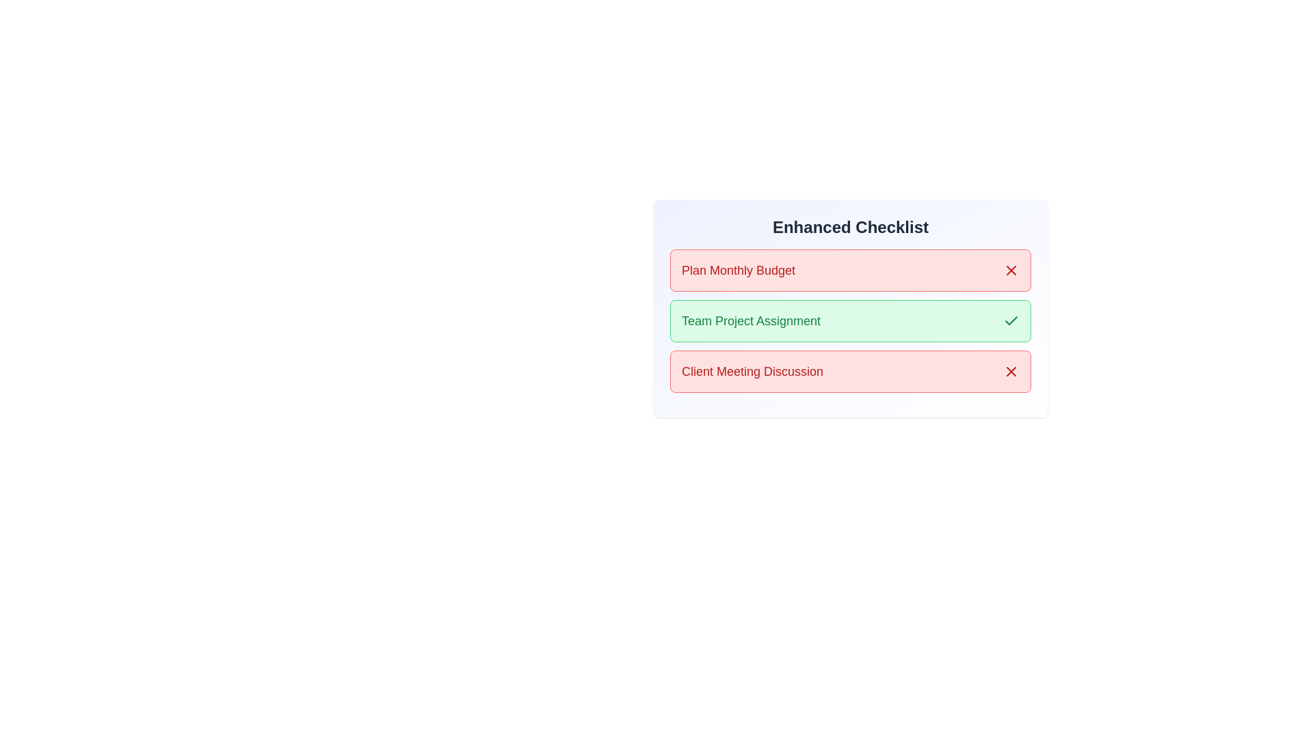  I want to click on the green checkmark icon that is part of the second item in the 'Enhanced Checklist' card, so click(1011, 320).